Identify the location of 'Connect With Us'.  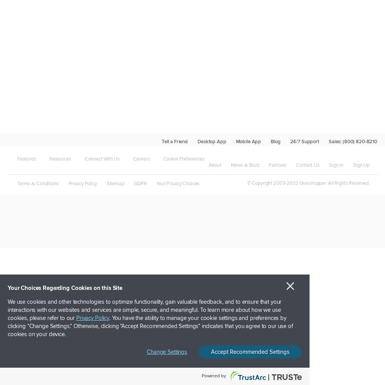
(102, 159).